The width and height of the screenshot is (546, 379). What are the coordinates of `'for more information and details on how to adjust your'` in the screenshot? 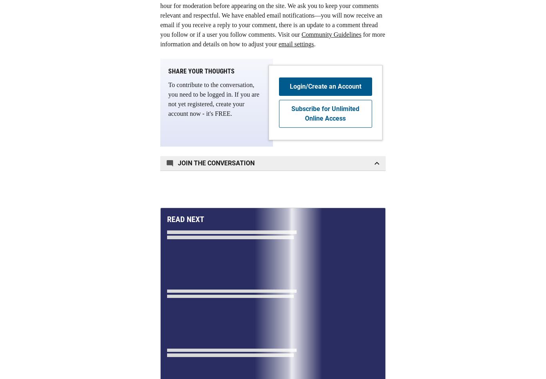 It's located at (272, 39).